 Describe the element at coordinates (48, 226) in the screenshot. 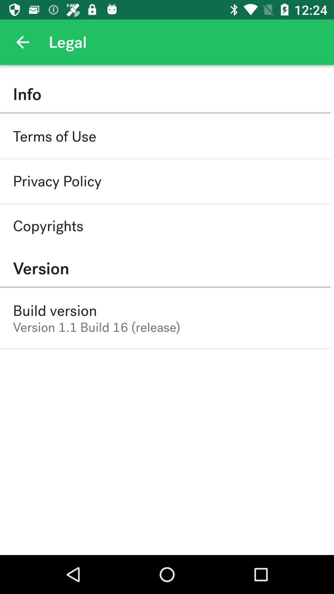

I see `the item below the privacy policy icon` at that location.